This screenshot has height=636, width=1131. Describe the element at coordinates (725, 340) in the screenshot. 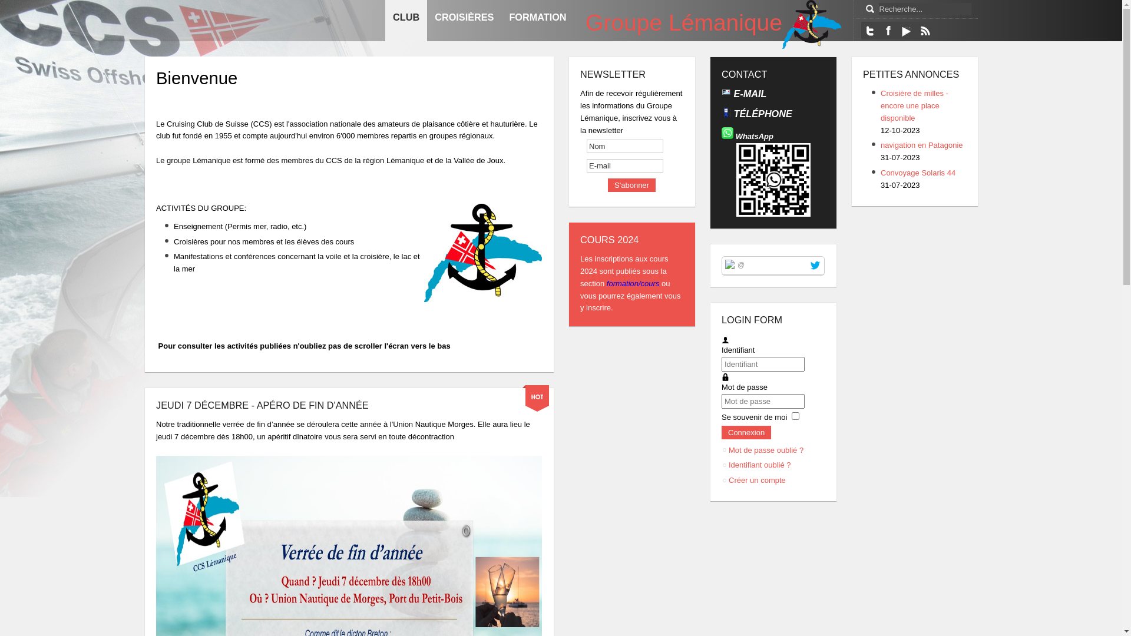

I see `'Identifiant'` at that location.